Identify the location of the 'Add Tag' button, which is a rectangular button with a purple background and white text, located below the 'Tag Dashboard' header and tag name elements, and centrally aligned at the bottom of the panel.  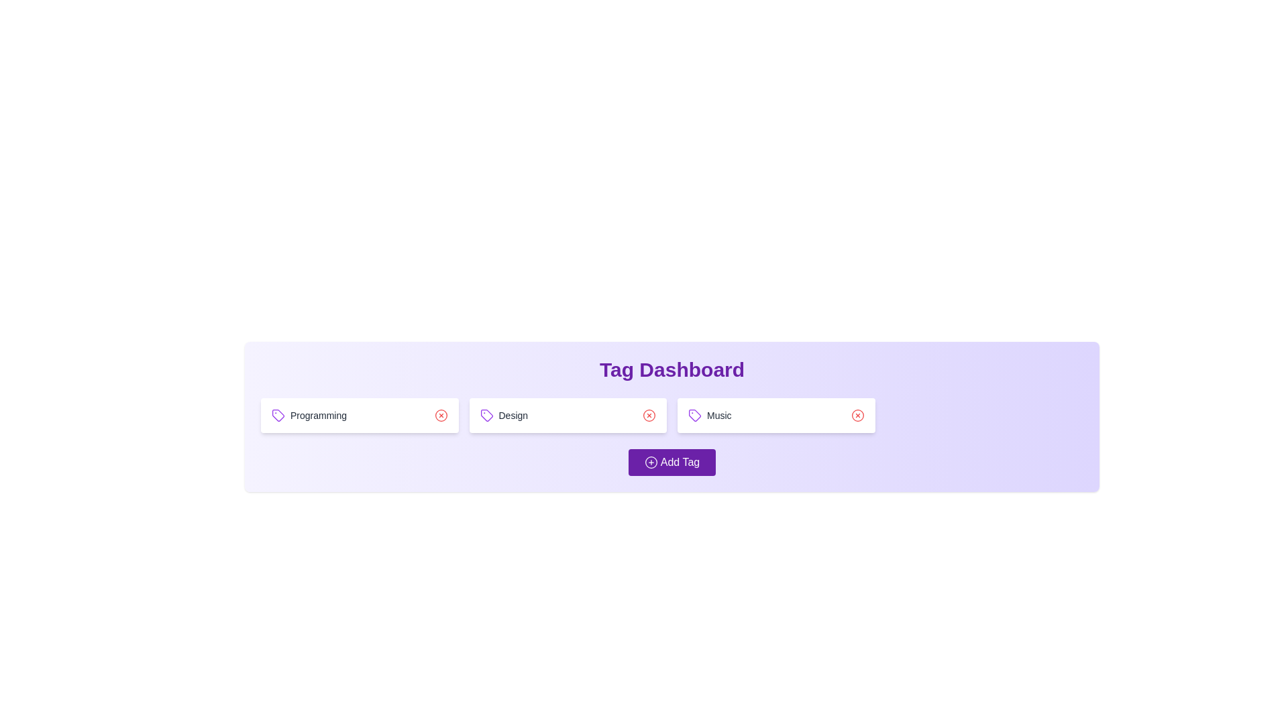
(672, 462).